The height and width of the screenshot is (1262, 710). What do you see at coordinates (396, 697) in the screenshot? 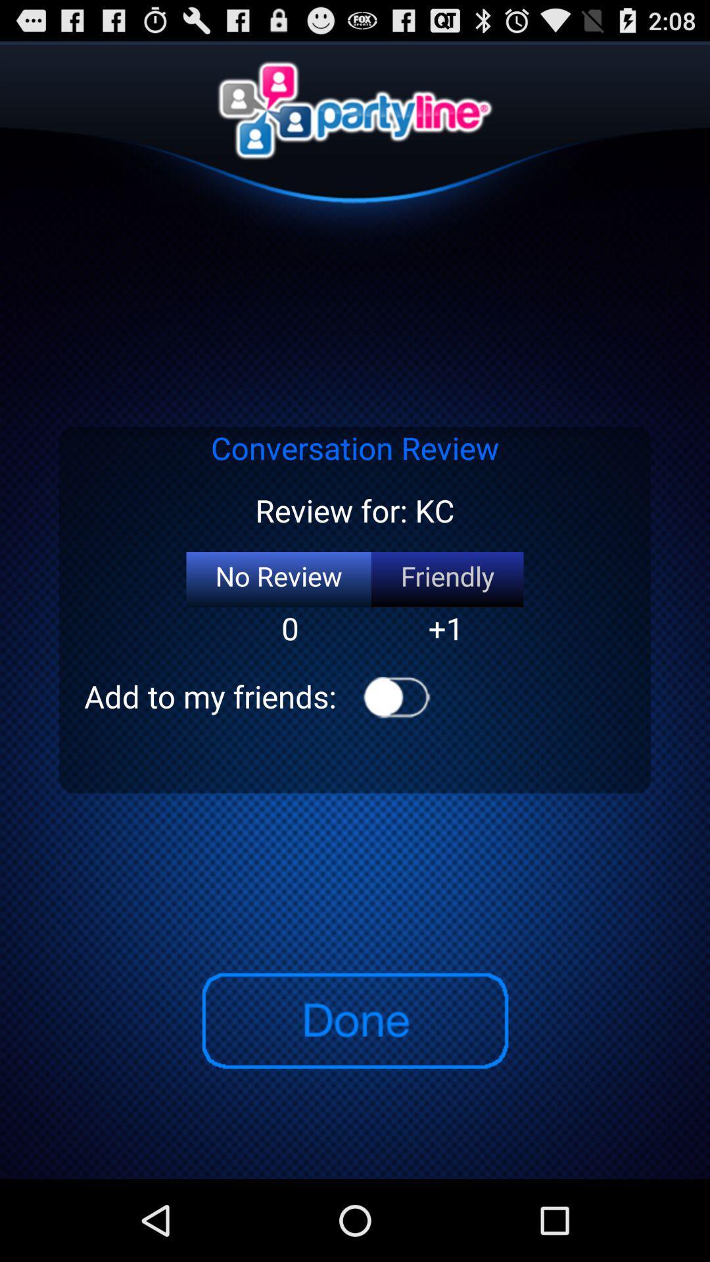
I see `icon next to the add to my item` at bounding box center [396, 697].